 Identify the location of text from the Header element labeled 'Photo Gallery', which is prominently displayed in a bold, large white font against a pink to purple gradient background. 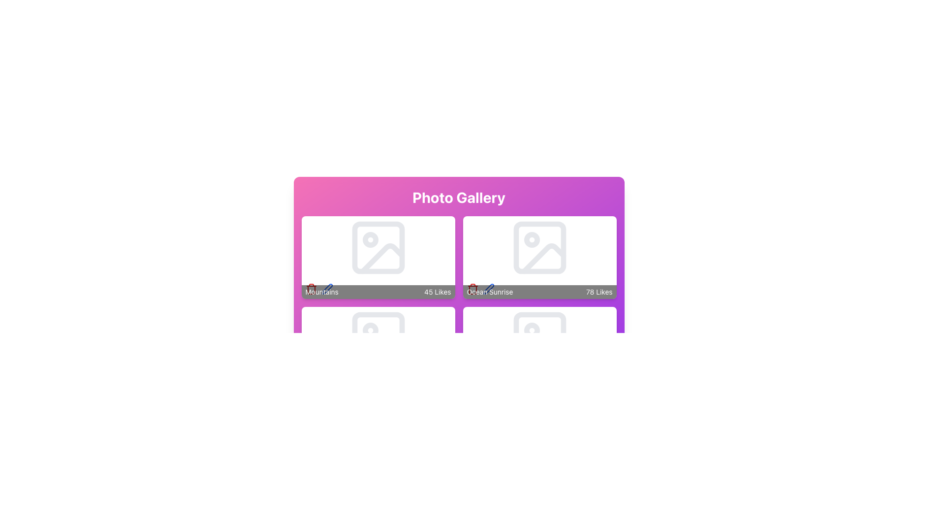
(458, 198).